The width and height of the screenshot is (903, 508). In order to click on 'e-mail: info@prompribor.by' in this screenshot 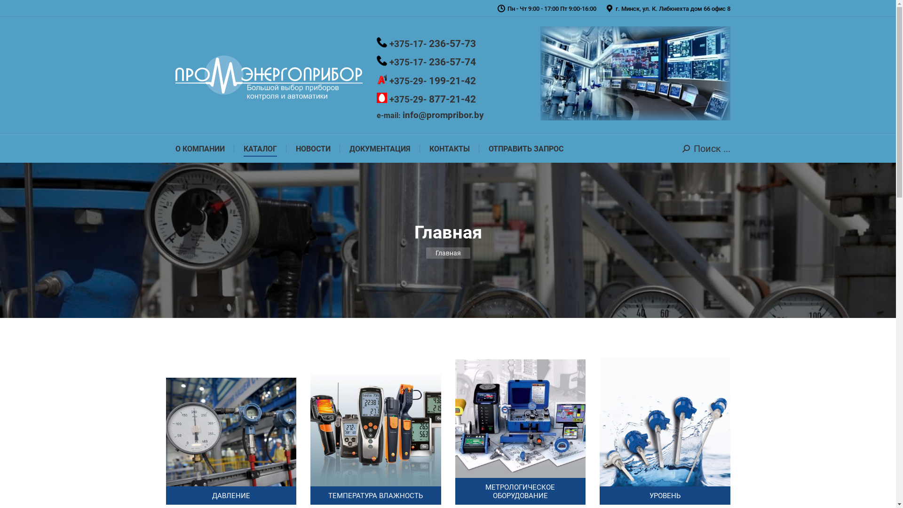, I will do `click(429, 115)`.